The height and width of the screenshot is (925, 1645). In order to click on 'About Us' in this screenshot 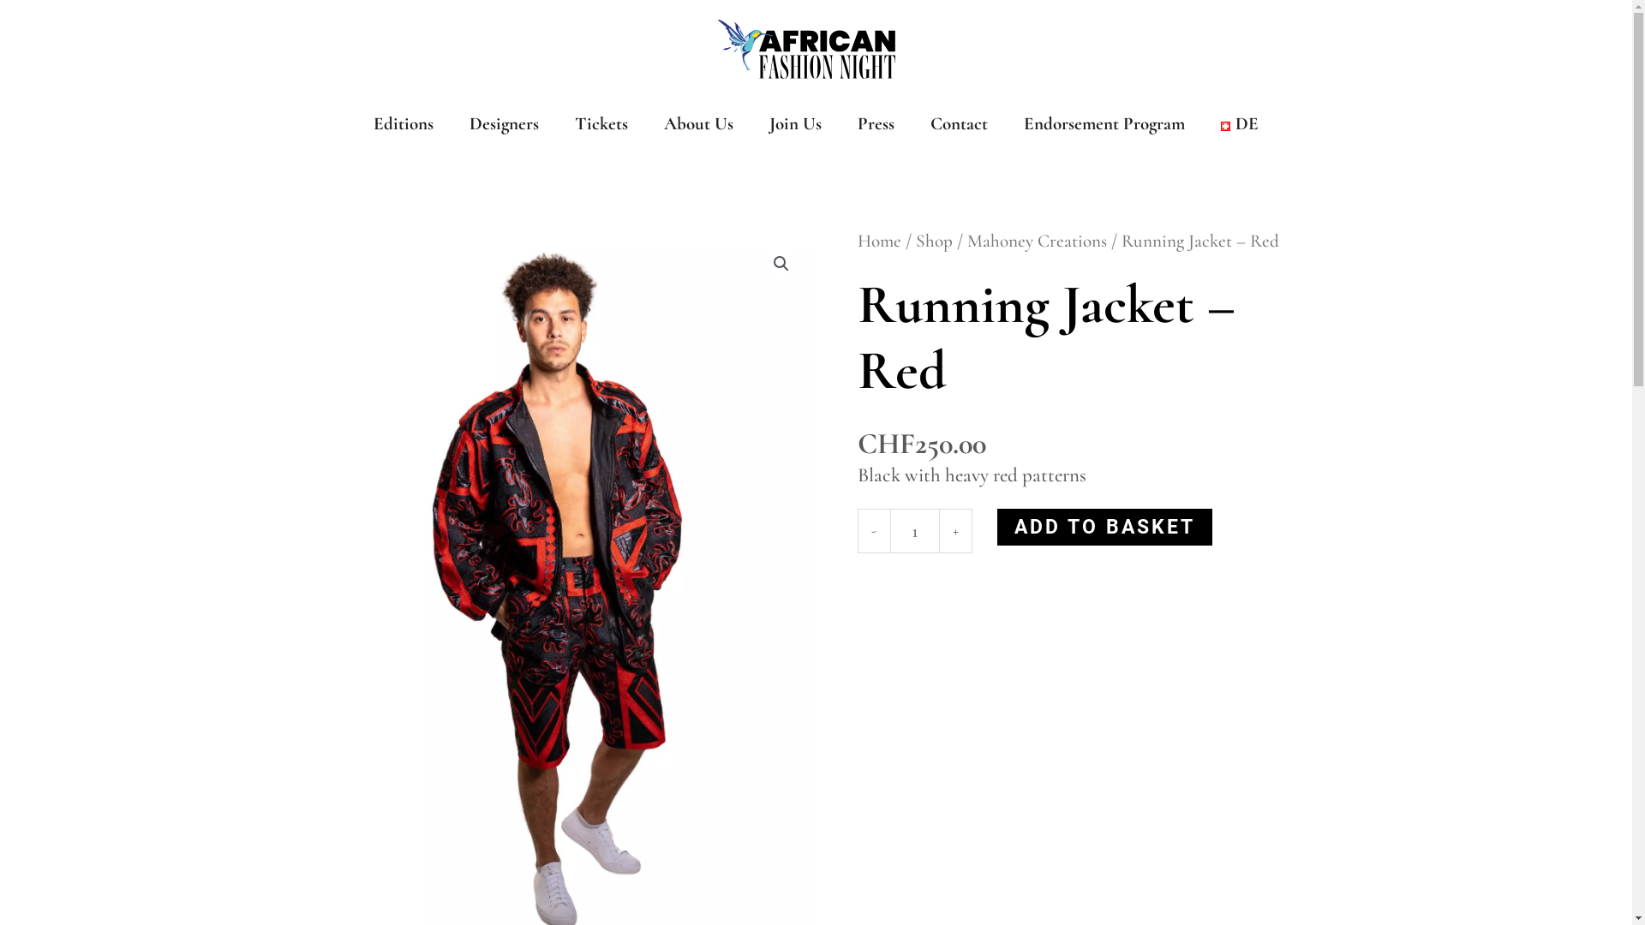, I will do `click(698, 123)`.